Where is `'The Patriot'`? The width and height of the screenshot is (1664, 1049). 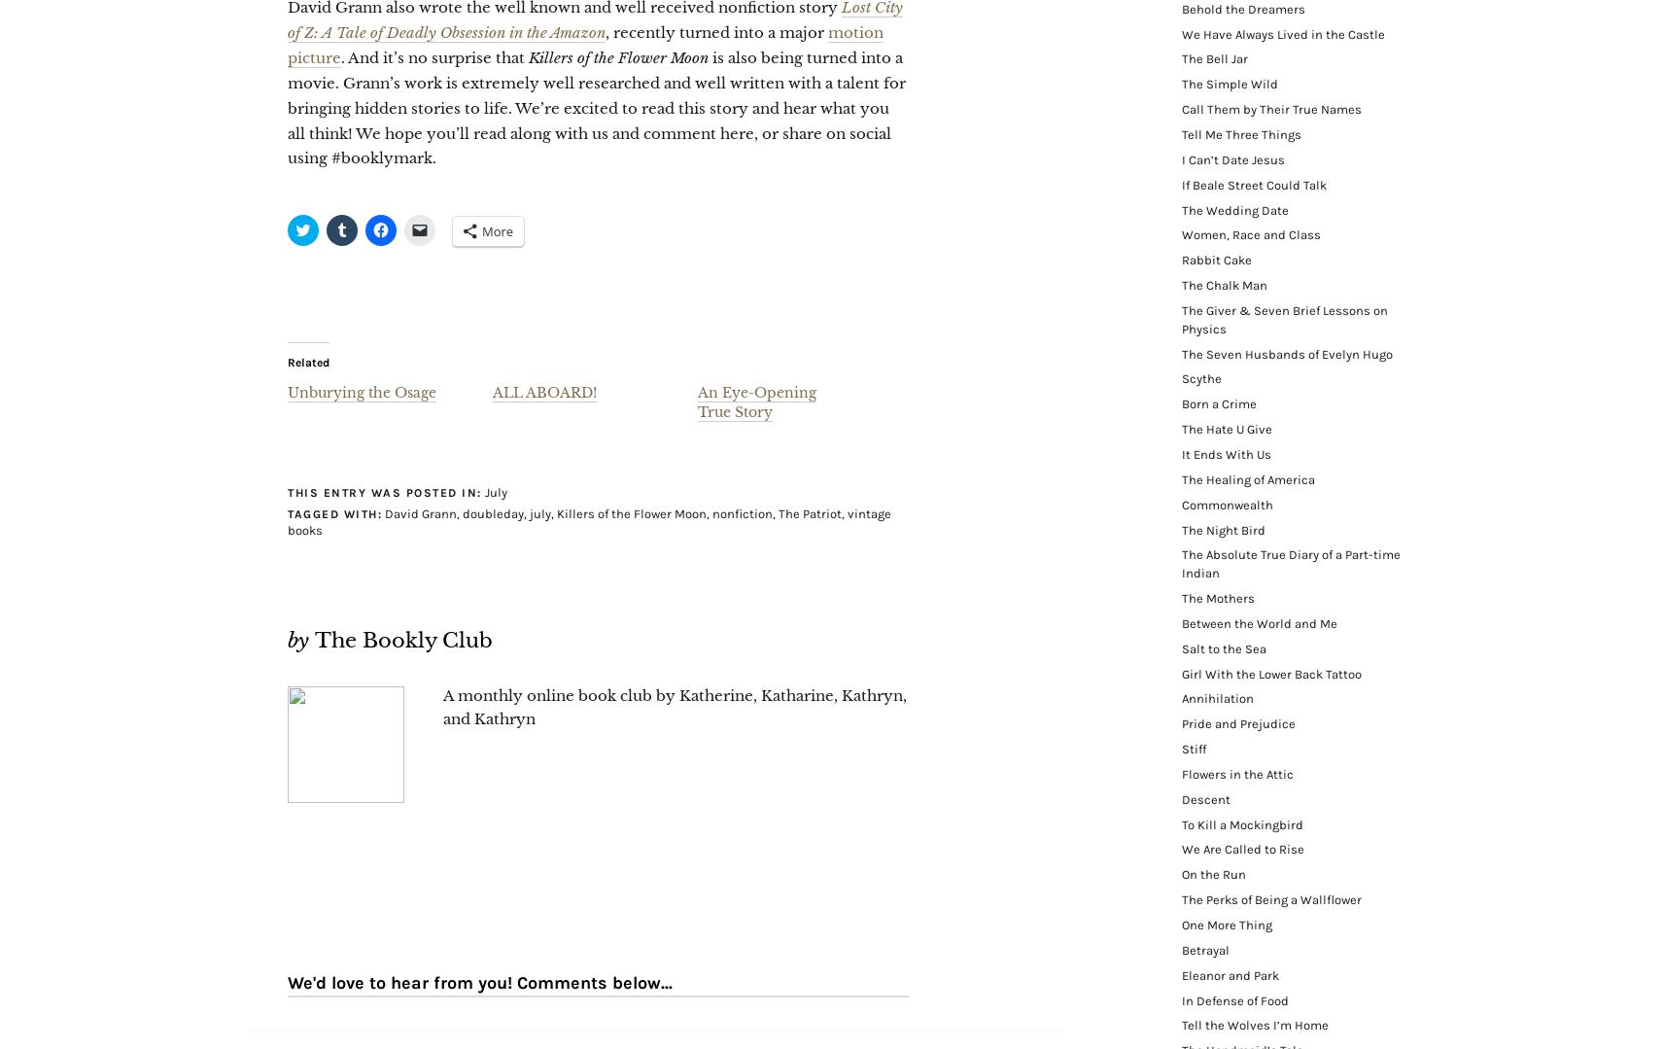
'The Patriot' is located at coordinates (810, 512).